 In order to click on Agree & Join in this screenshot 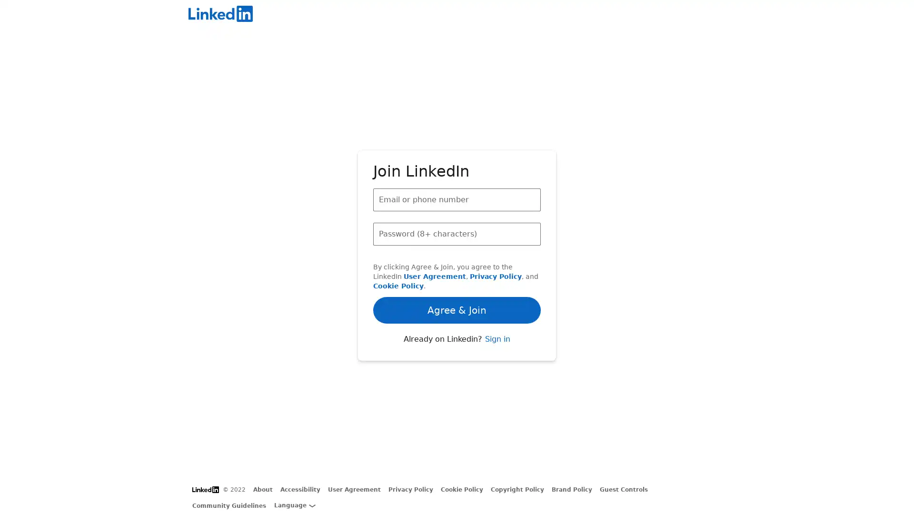, I will do `click(457, 282)`.